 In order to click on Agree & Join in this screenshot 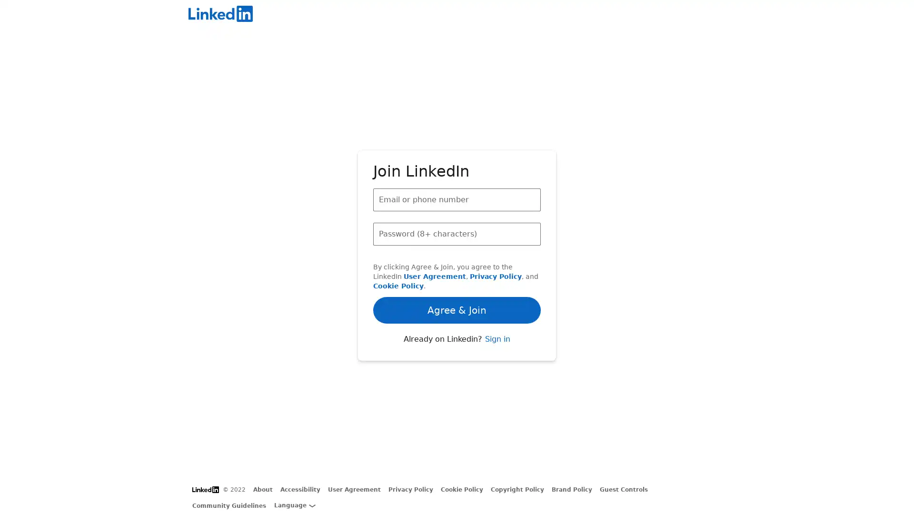, I will do `click(457, 282)`.